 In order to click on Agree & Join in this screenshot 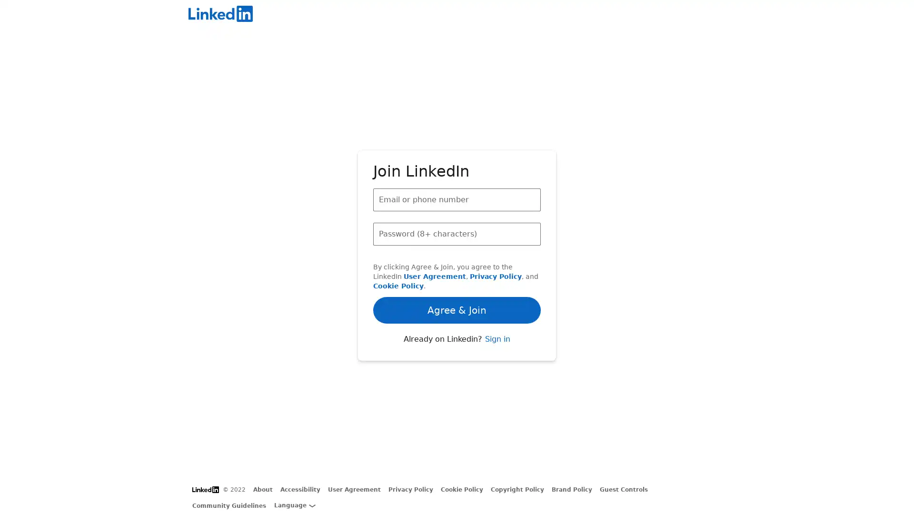, I will do `click(457, 282)`.